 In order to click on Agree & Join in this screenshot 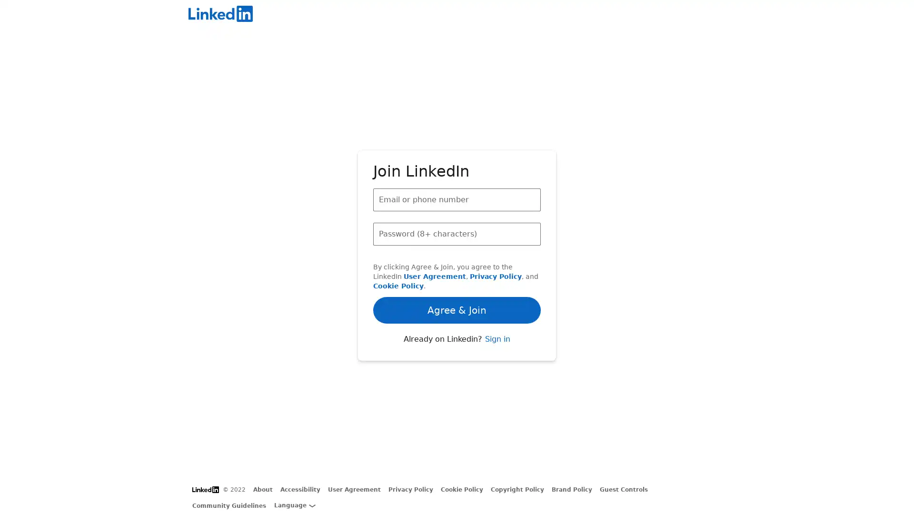, I will do `click(457, 282)`.